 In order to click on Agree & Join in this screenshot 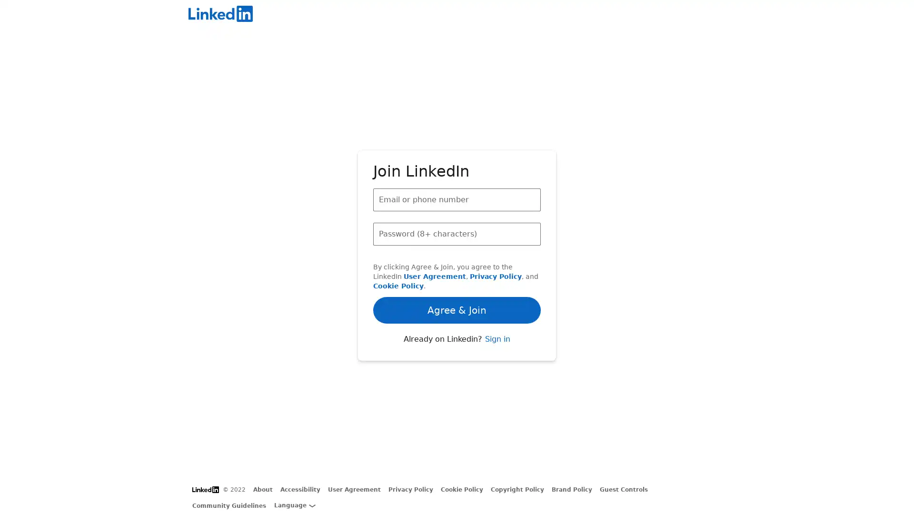, I will do `click(457, 282)`.